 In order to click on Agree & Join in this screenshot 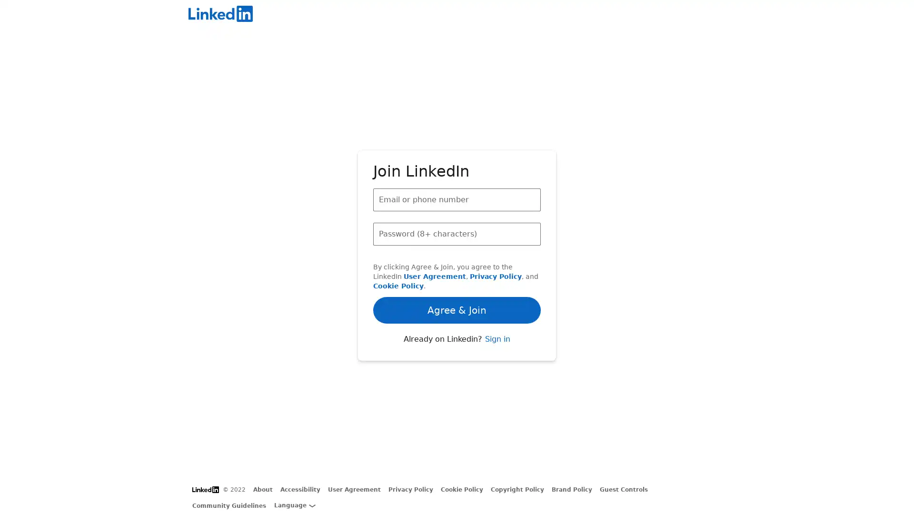, I will do `click(457, 282)`.